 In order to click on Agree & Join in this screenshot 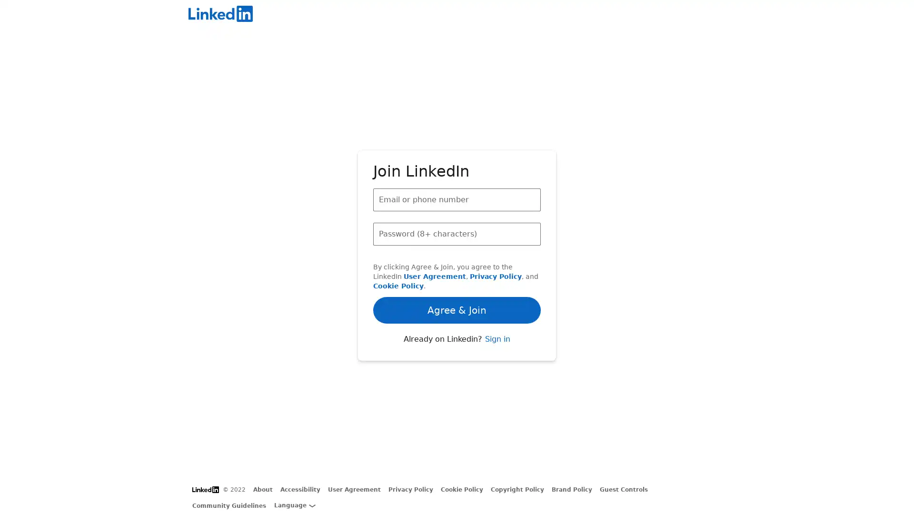, I will do `click(457, 282)`.